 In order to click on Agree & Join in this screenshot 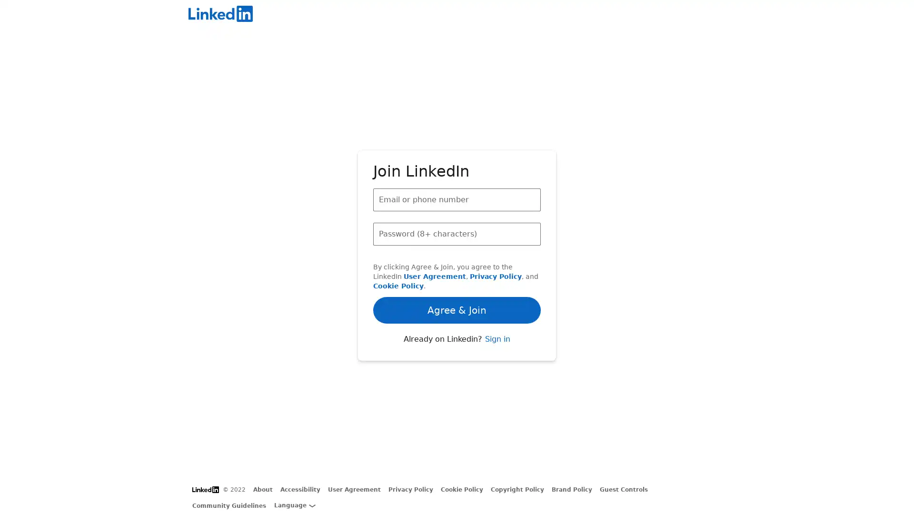, I will do `click(457, 282)`.